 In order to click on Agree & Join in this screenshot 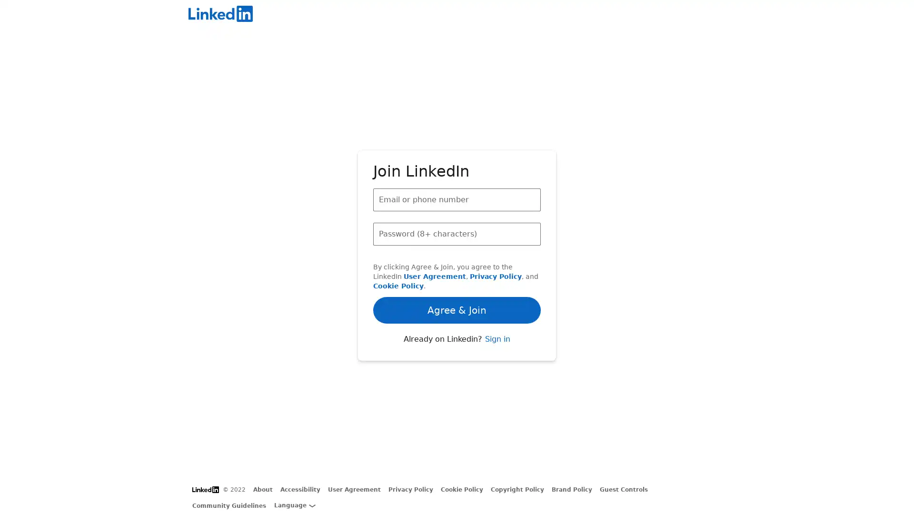, I will do `click(457, 282)`.